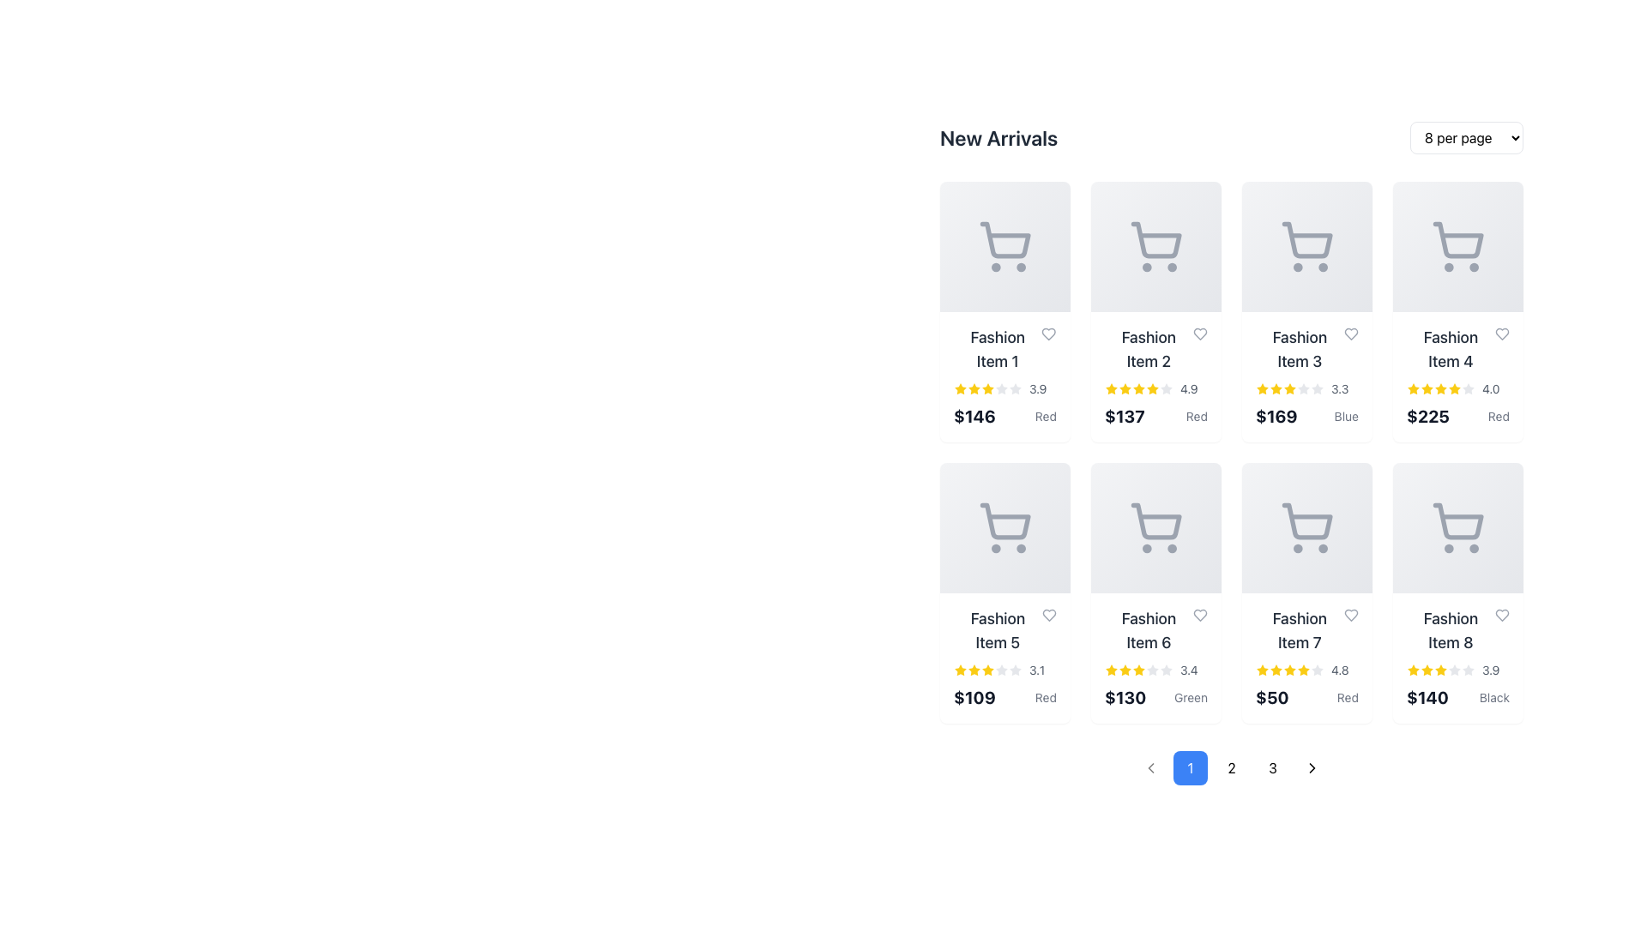  Describe the element at coordinates (1199, 334) in the screenshot. I see `the heart icon in the top-right corner of the 'Fashion Item 2' card to favorite the item` at that location.